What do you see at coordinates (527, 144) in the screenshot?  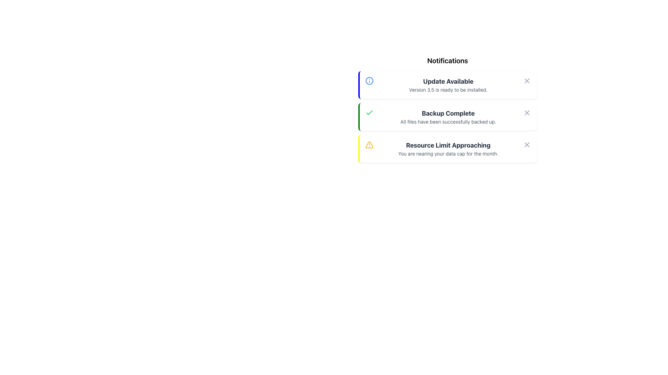 I see `the dismiss button represented by a small gray 'X' icon within the 'Resource Limit Approaching' notification card` at bounding box center [527, 144].